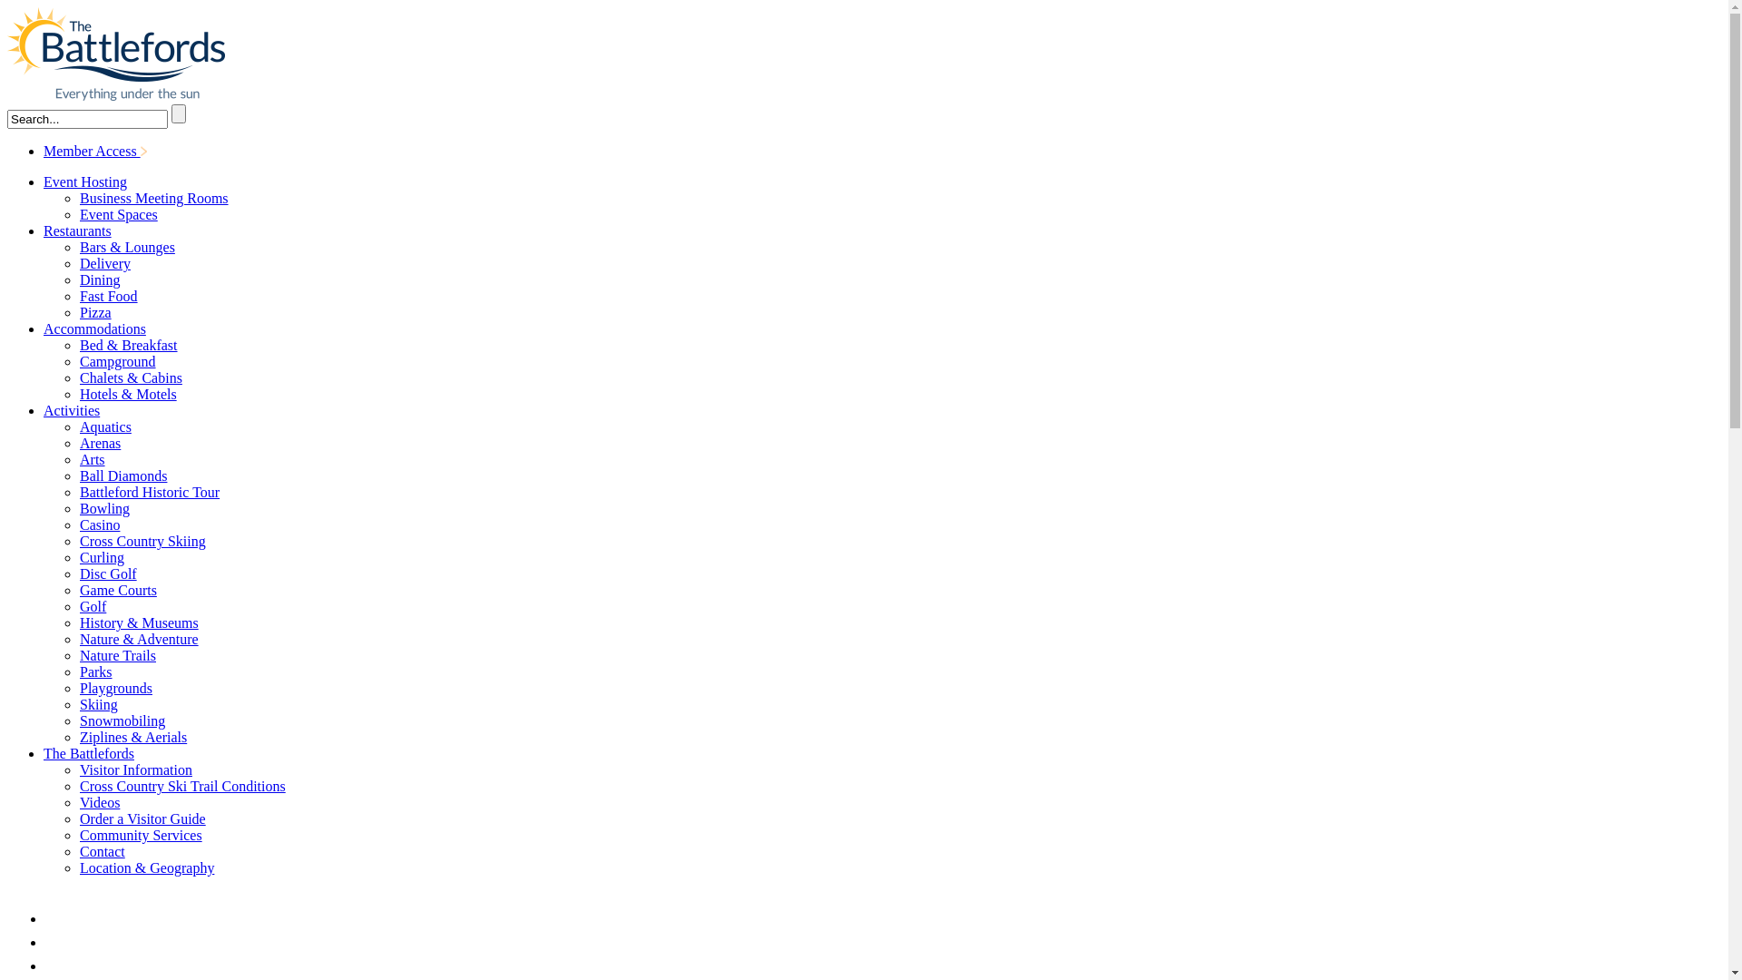 This screenshot has height=980, width=1742. What do you see at coordinates (91, 458) in the screenshot?
I see `'Arts'` at bounding box center [91, 458].